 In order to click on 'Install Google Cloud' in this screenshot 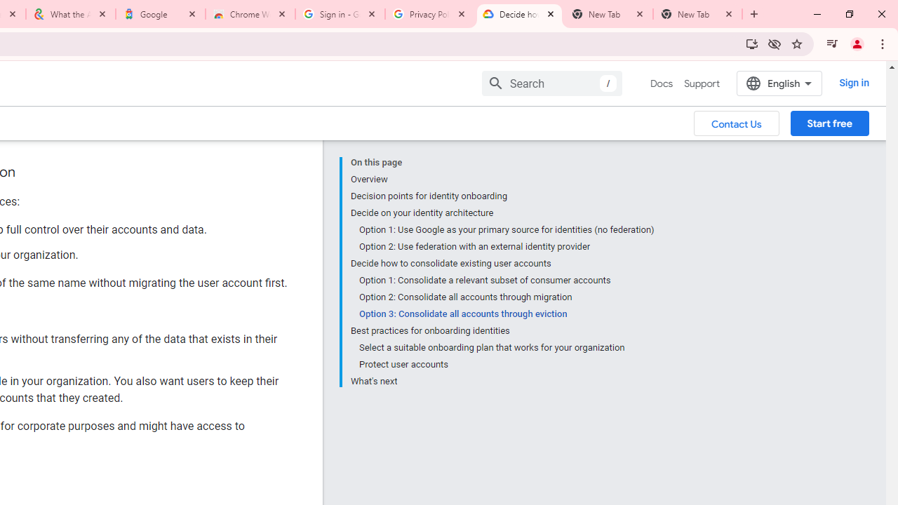, I will do `click(751, 43)`.